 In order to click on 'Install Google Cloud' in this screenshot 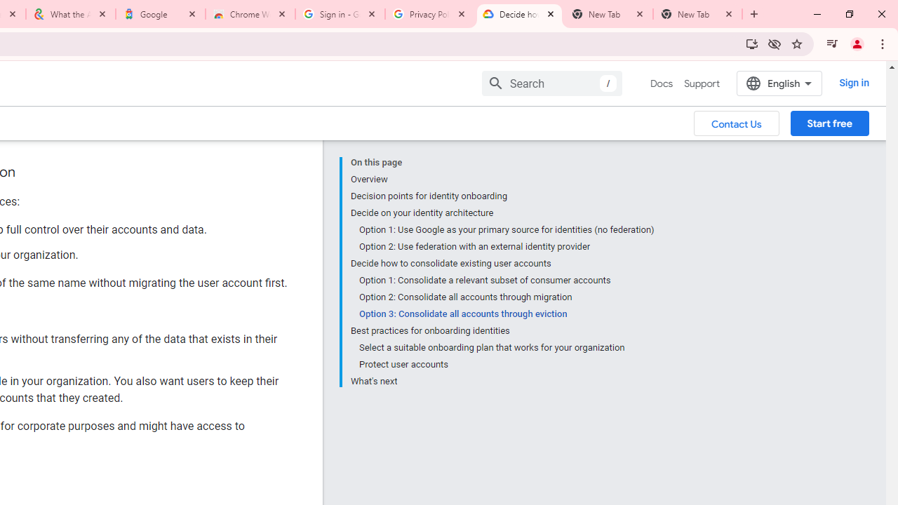, I will do `click(751, 43)`.